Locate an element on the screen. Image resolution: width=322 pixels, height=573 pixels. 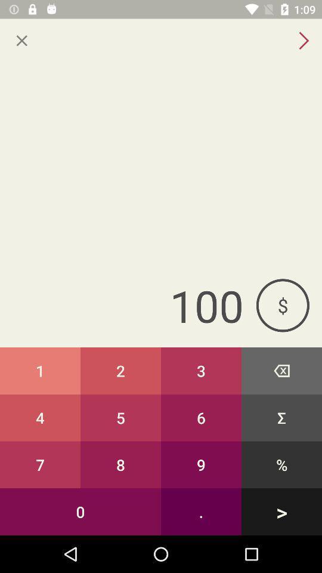
item to the right of 2 item is located at coordinates (201, 370).